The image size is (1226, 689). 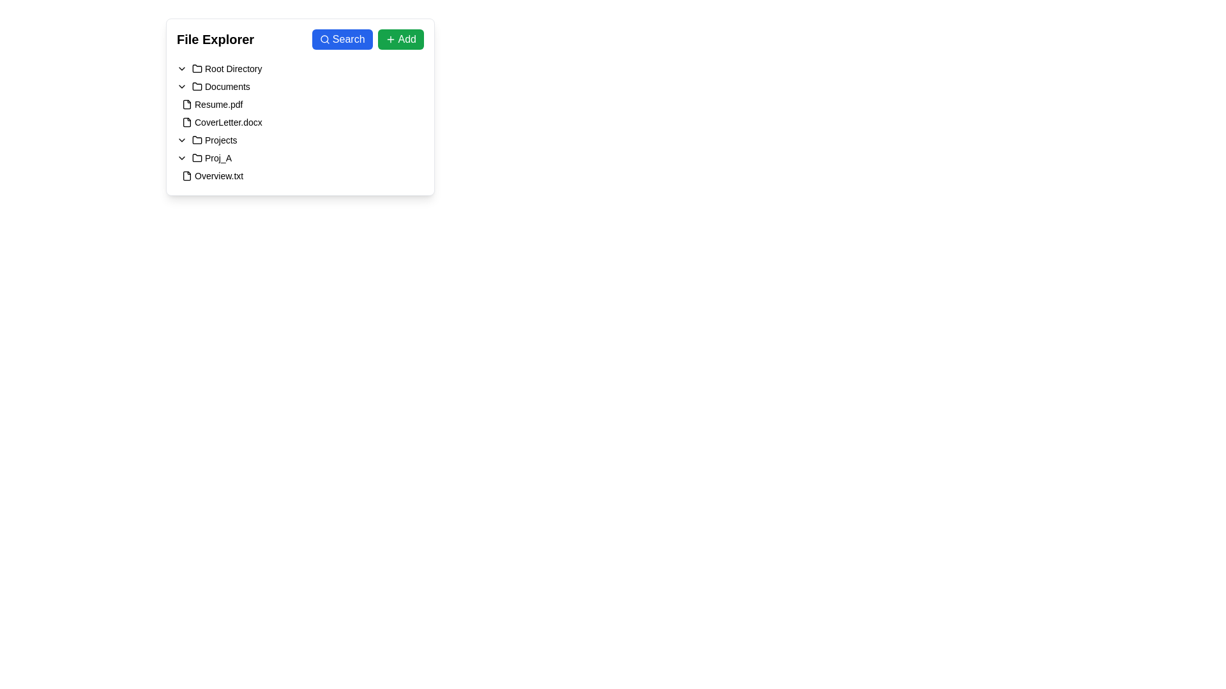 I want to click on the file icon representing 'Resume.pdf' located in the file explorer, positioned immediately to the left of the label, so click(x=186, y=104).